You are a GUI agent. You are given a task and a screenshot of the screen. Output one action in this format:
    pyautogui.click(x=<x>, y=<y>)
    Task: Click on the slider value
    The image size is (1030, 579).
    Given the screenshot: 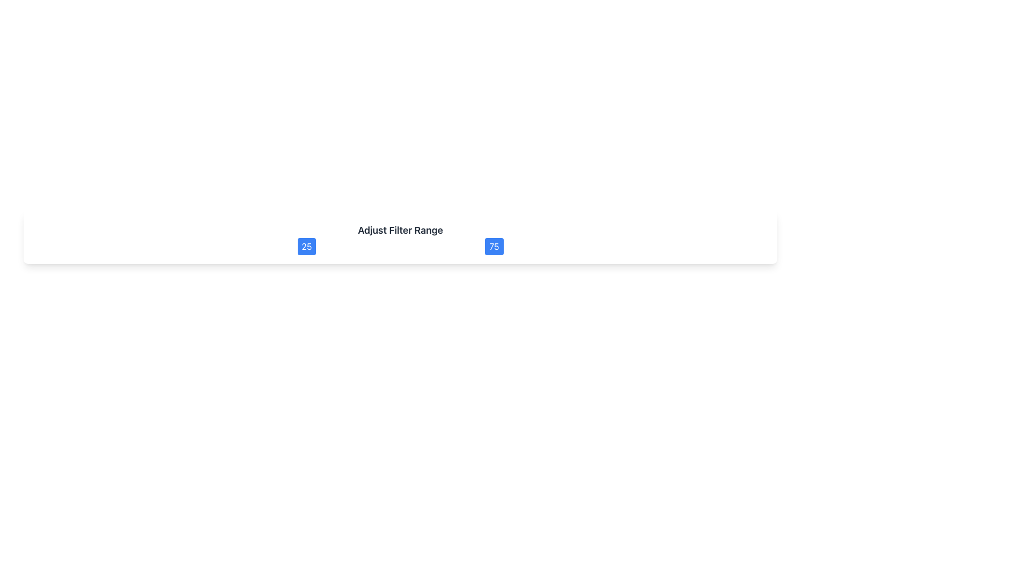 What is the action you would take?
    pyautogui.click(x=436, y=252)
    